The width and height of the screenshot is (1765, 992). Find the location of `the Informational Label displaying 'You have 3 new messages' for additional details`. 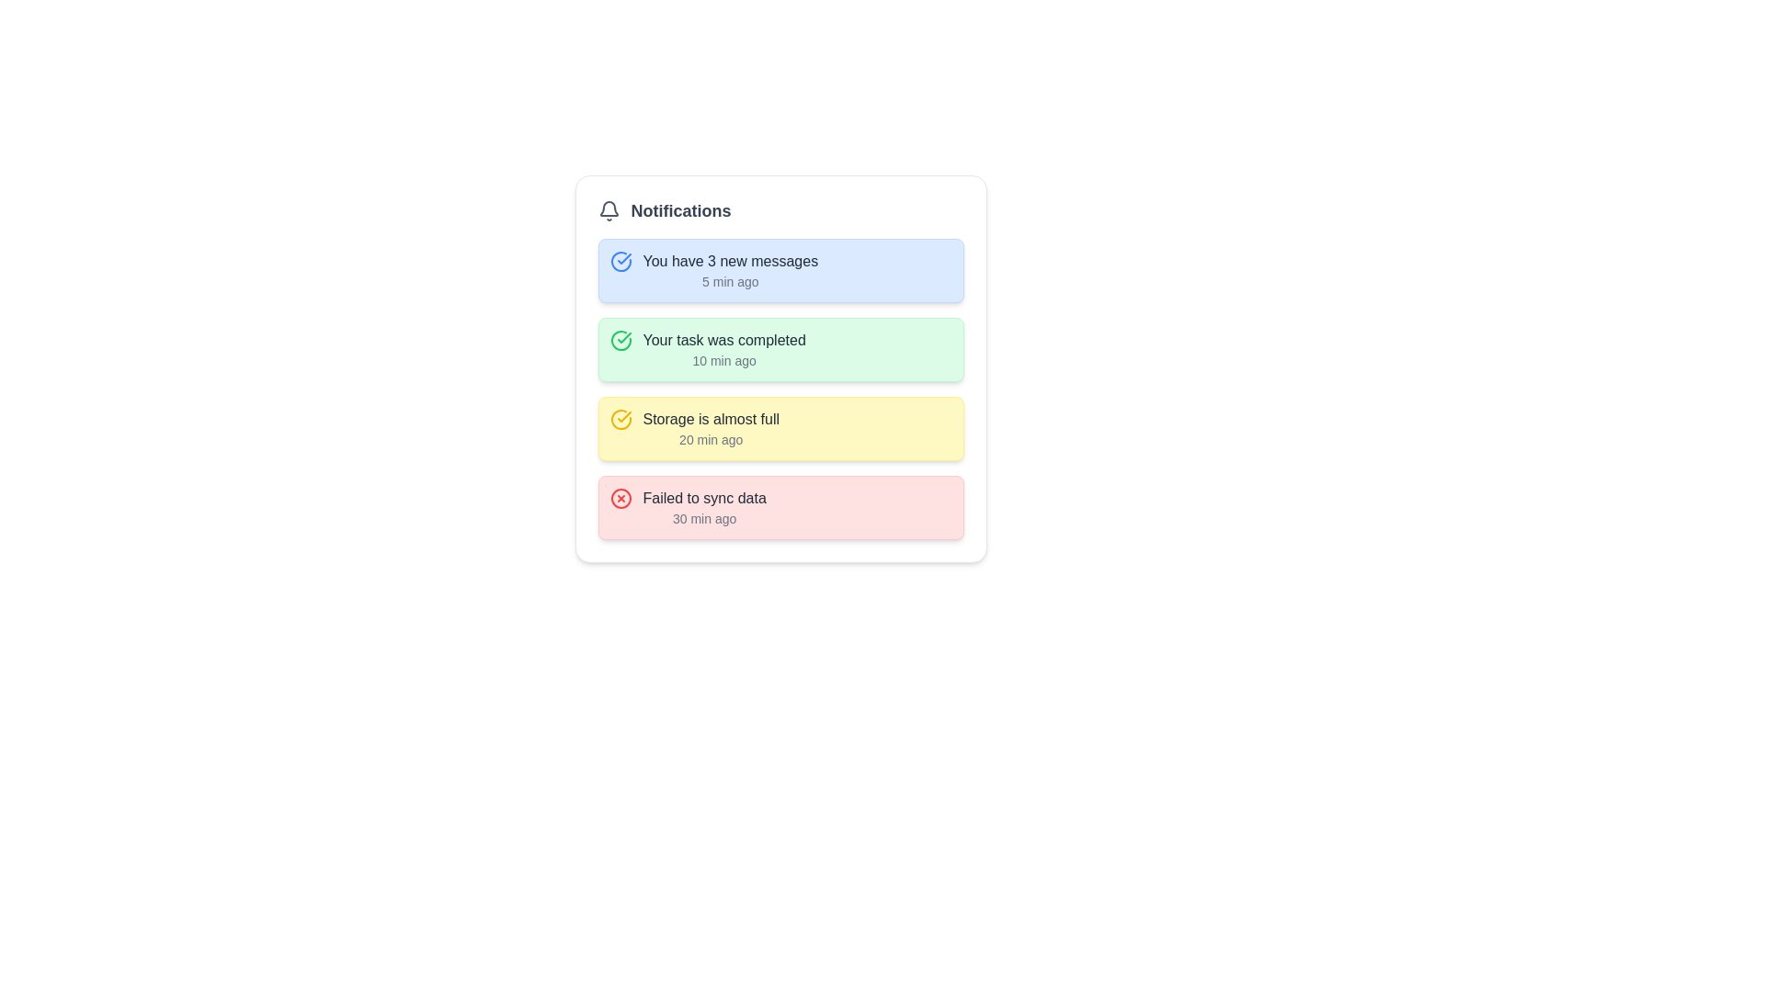

the Informational Label displaying 'You have 3 new messages' for additional details is located at coordinates (729, 270).